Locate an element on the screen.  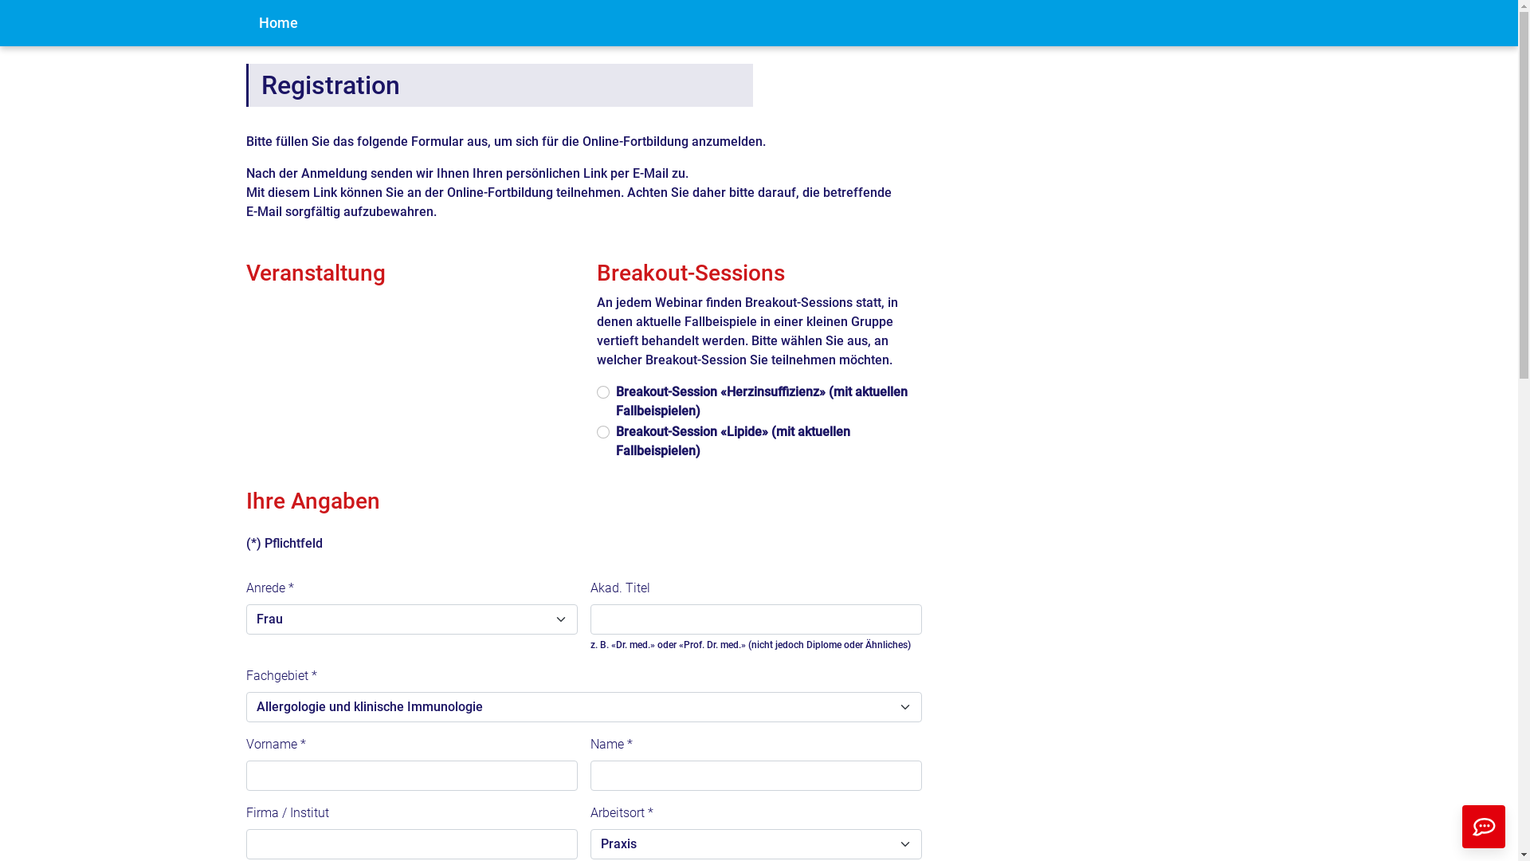
'Home' is located at coordinates (244, 23).